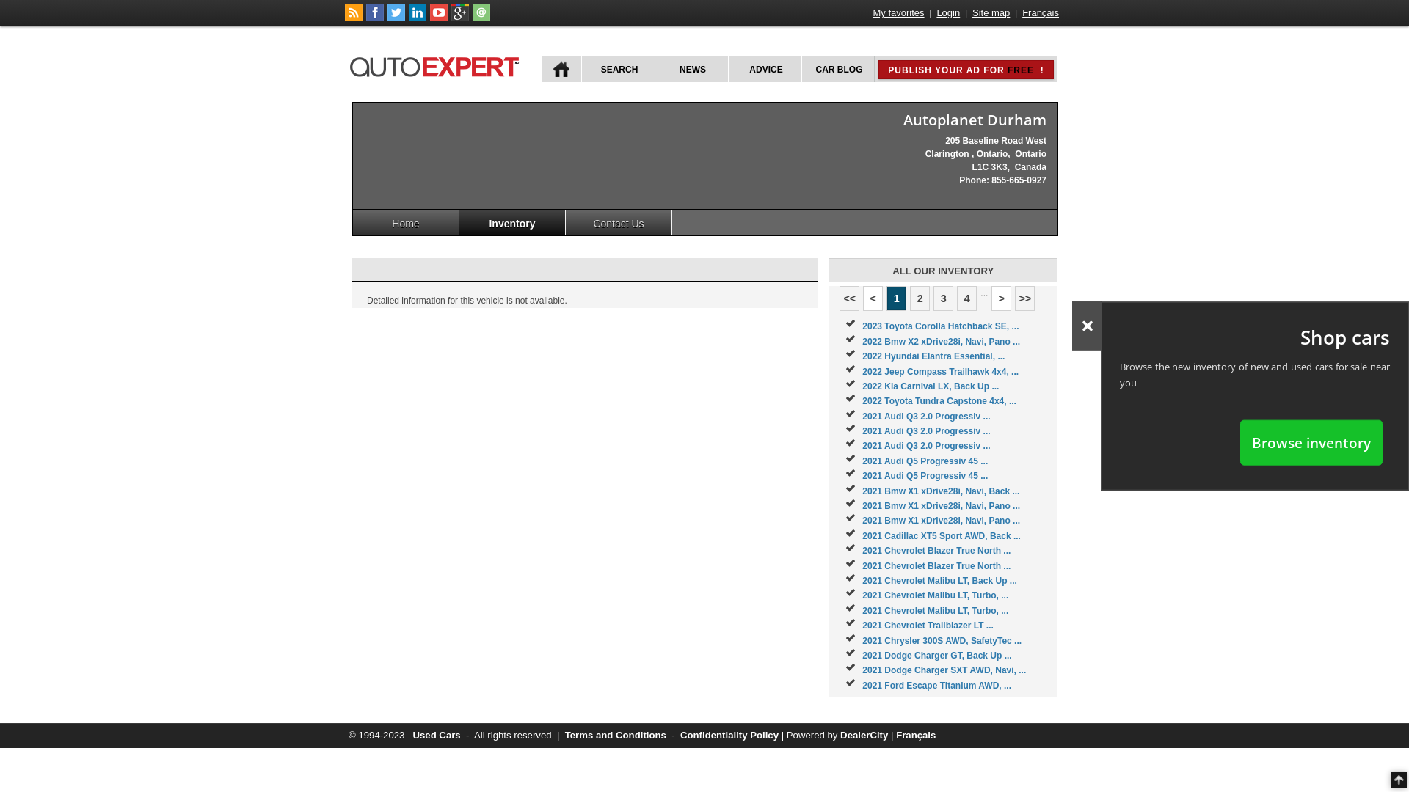 Image resolution: width=1409 pixels, height=792 pixels. I want to click on 'My favorites', so click(898, 12).